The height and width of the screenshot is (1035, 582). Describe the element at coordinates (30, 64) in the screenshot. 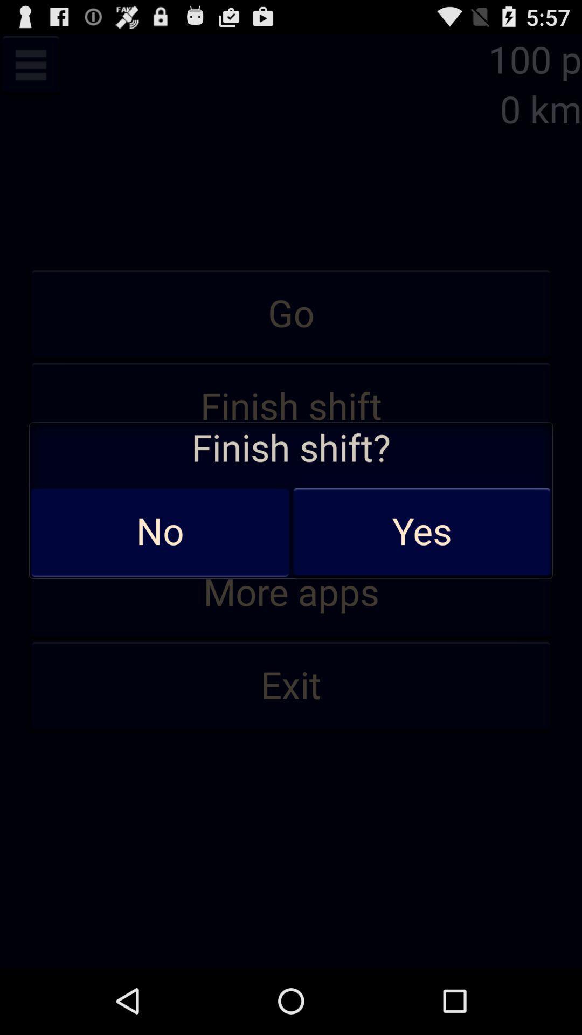

I see `open menu` at that location.